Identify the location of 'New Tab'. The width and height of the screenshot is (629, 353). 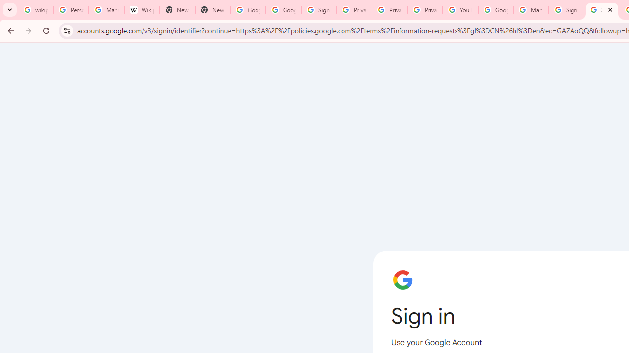
(177, 10).